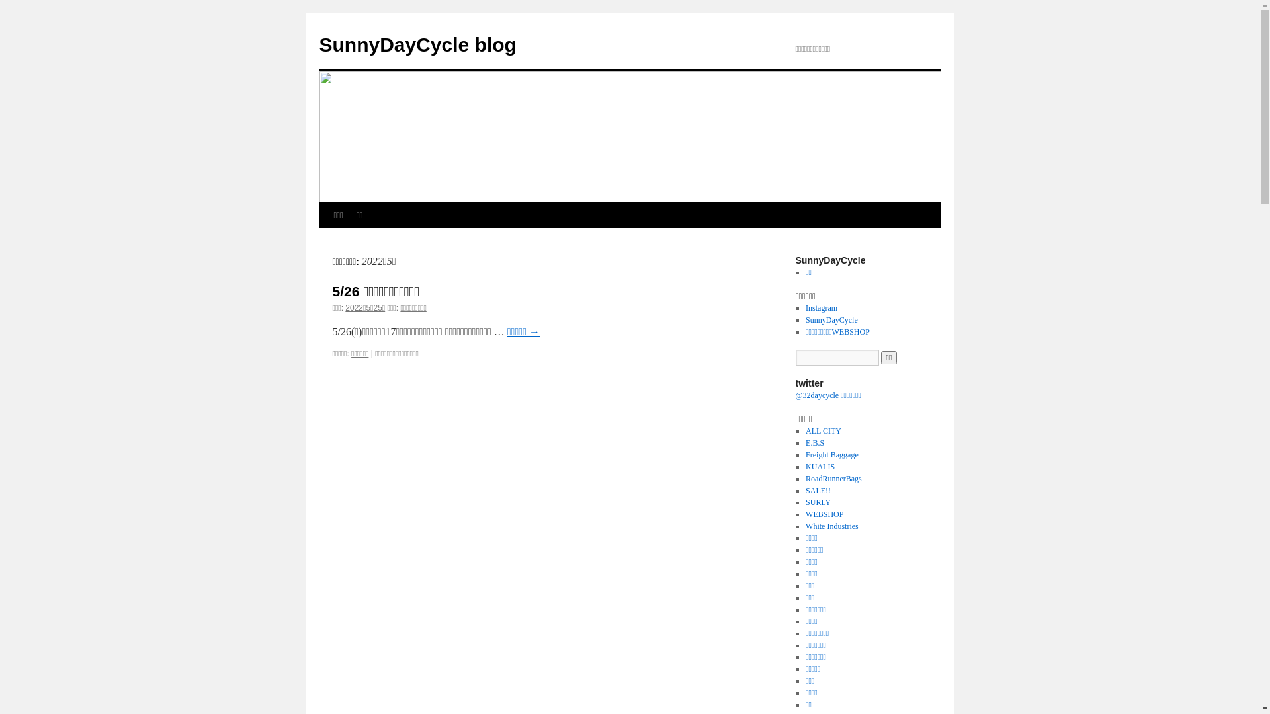  I want to click on 'KUALIS', so click(805, 465).